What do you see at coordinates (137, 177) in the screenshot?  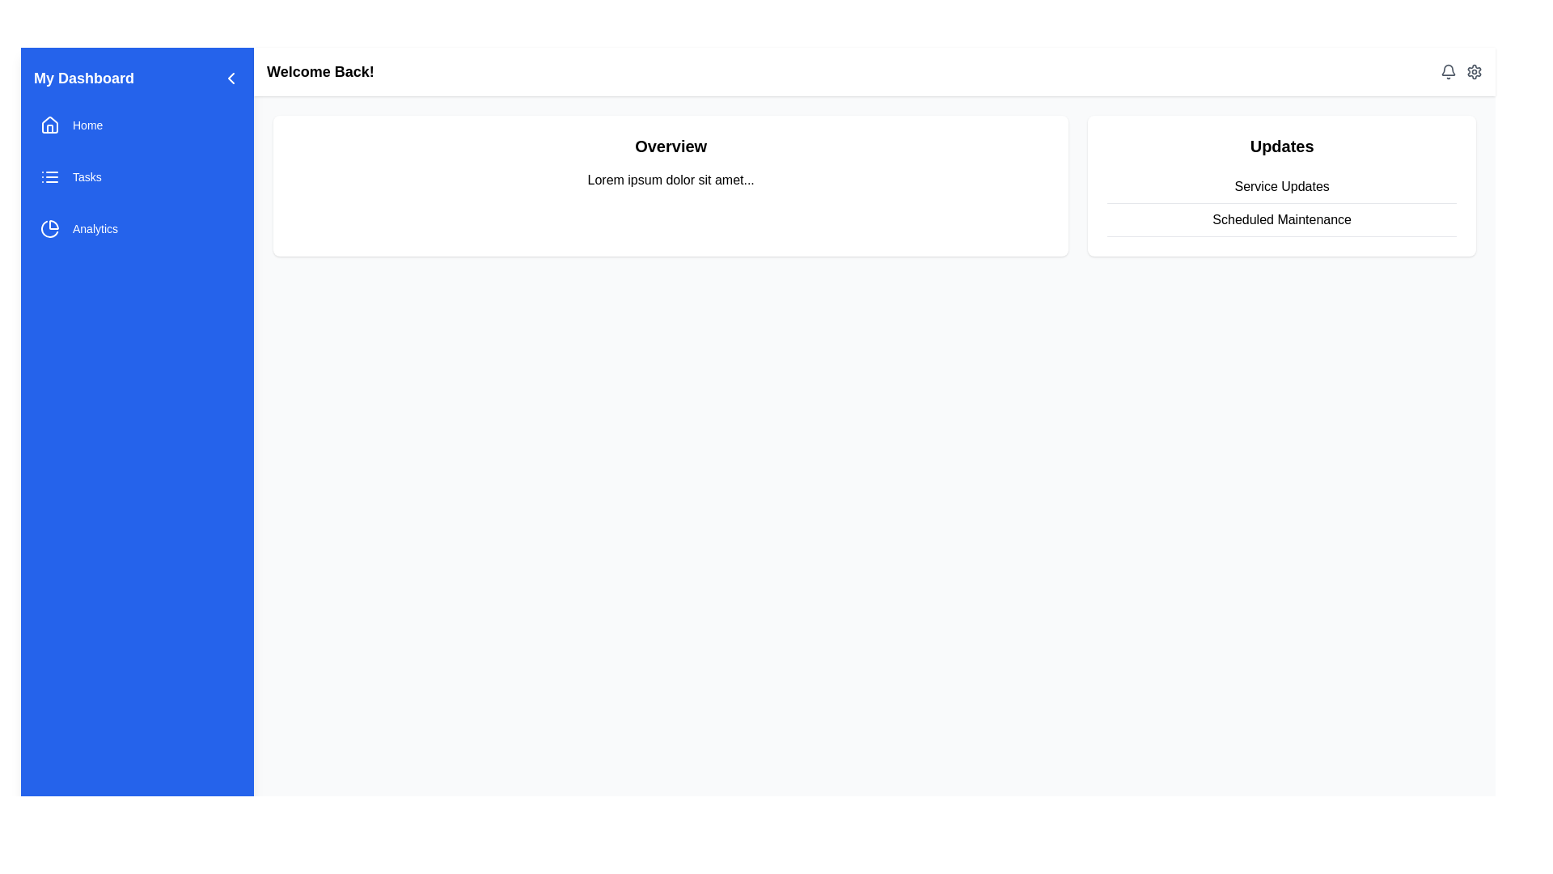 I see `the 'Tasks' navigation button, which is the second item in the vertical list of menu options in the sidebar, located below 'Home' and above 'Analytics'` at bounding box center [137, 177].